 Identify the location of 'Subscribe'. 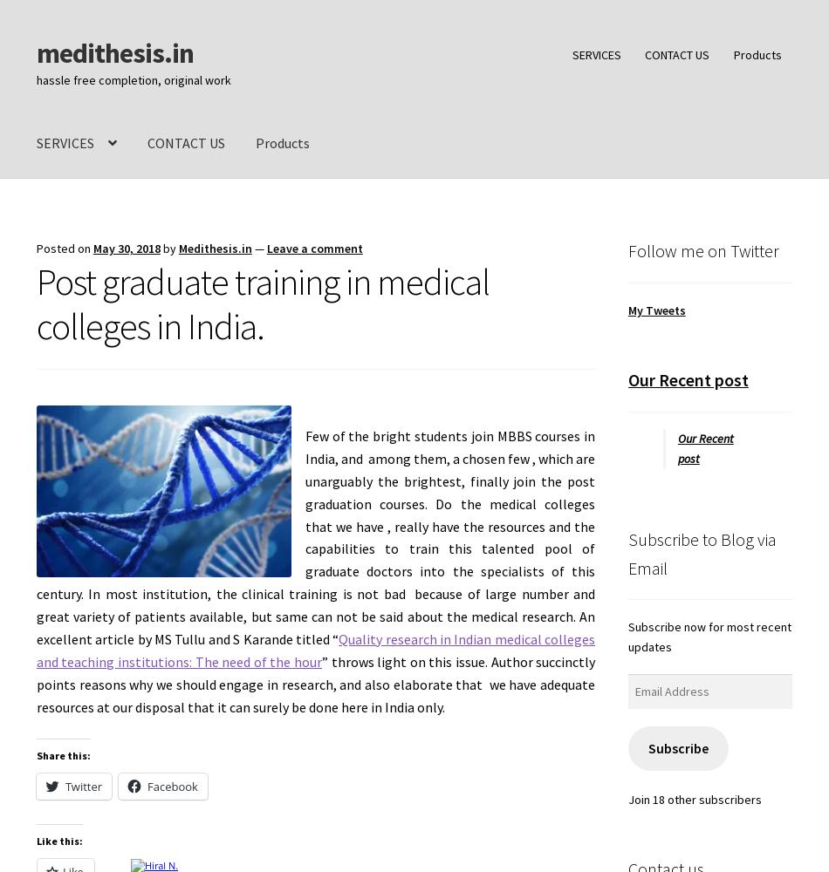
(676, 746).